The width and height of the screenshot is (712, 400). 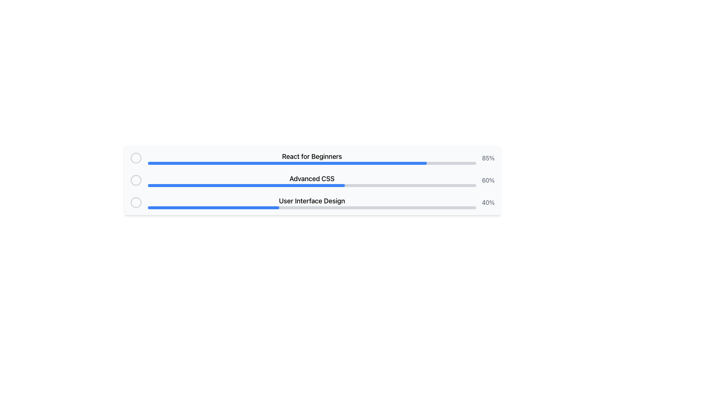 I want to click on the progress bar indicating the progress for 'React for Beginners', which is styled with a gray background and a blue foreground, covering approximately 85% of its length, so click(x=312, y=163).